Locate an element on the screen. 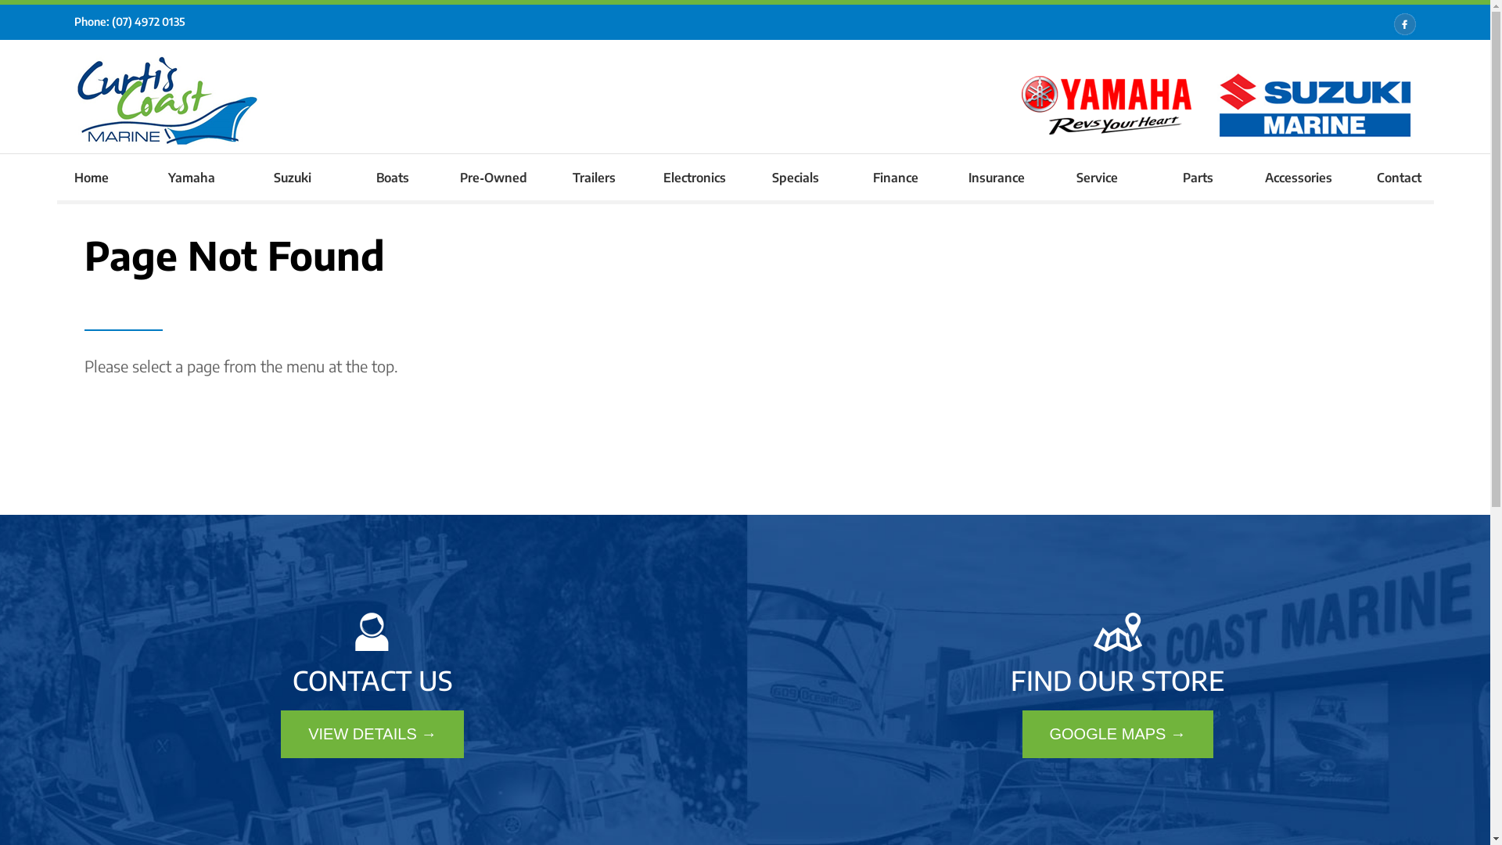  'Boats' is located at coordinates (393, 176).